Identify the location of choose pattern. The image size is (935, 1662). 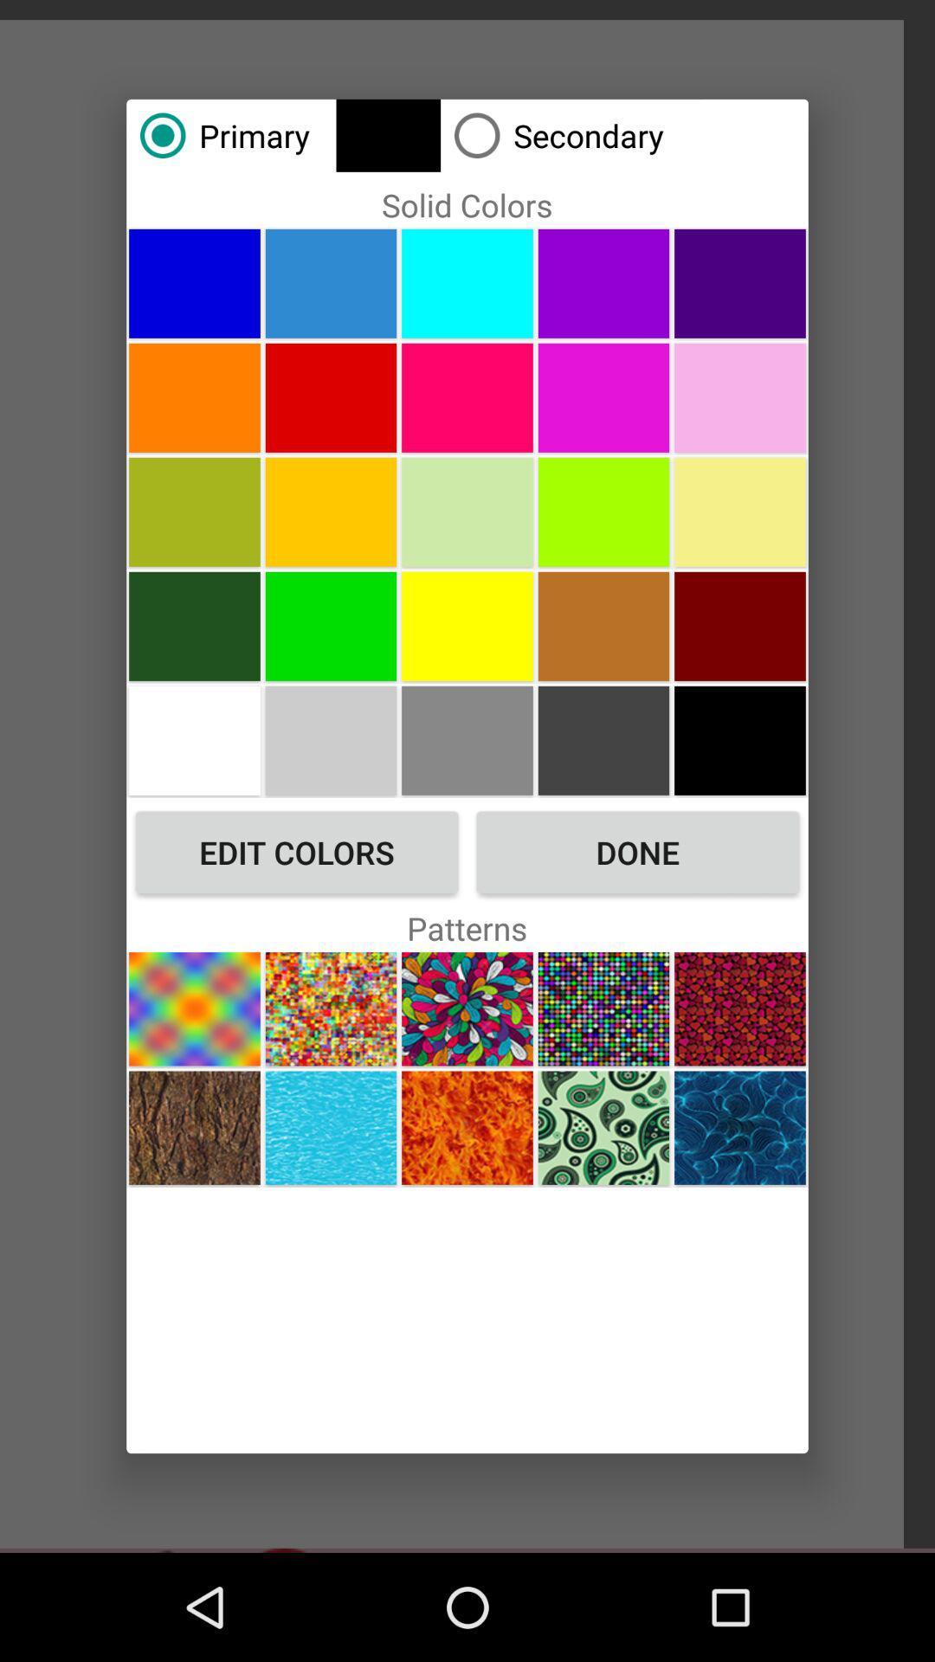
(194, 1128).